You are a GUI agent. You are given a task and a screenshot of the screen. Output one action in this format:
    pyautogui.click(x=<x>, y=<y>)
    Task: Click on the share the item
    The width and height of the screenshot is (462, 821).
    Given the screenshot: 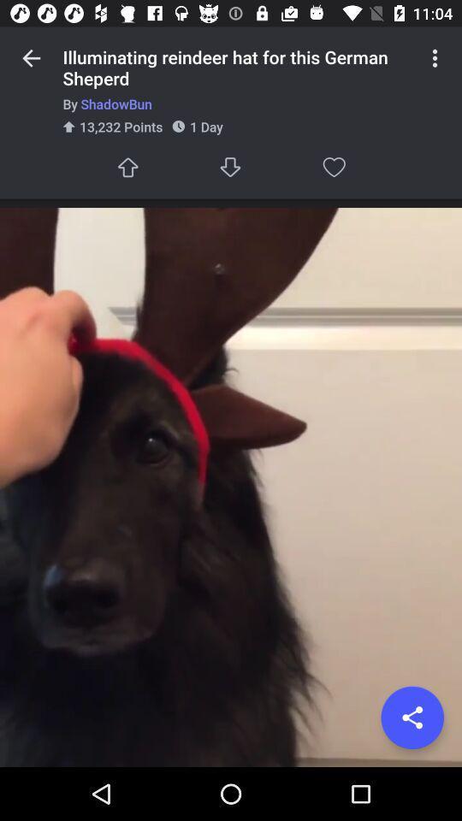 What is the action you would take?
    pyautogui.click(x=412, y=718)
    